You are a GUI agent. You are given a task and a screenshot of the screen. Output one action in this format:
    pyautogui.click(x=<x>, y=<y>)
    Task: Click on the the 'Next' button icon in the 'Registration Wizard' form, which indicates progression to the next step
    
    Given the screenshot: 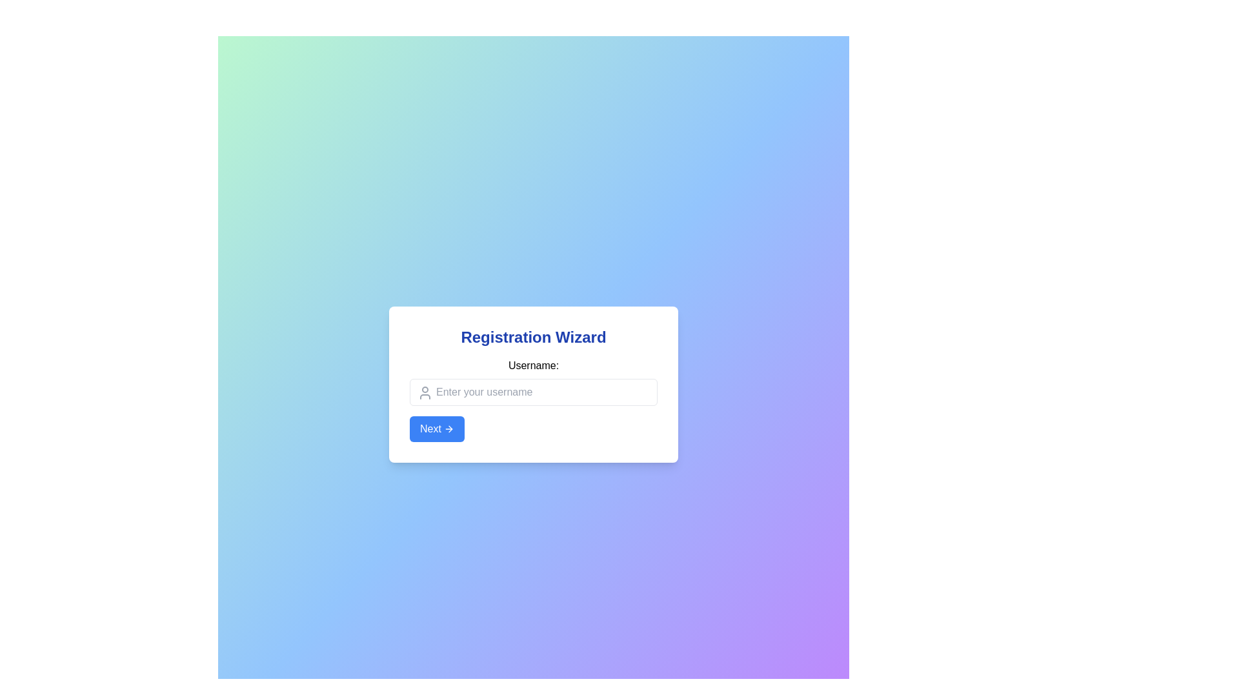 What is the action you would take?
    pyautogui.click(x=449, y=429)
    